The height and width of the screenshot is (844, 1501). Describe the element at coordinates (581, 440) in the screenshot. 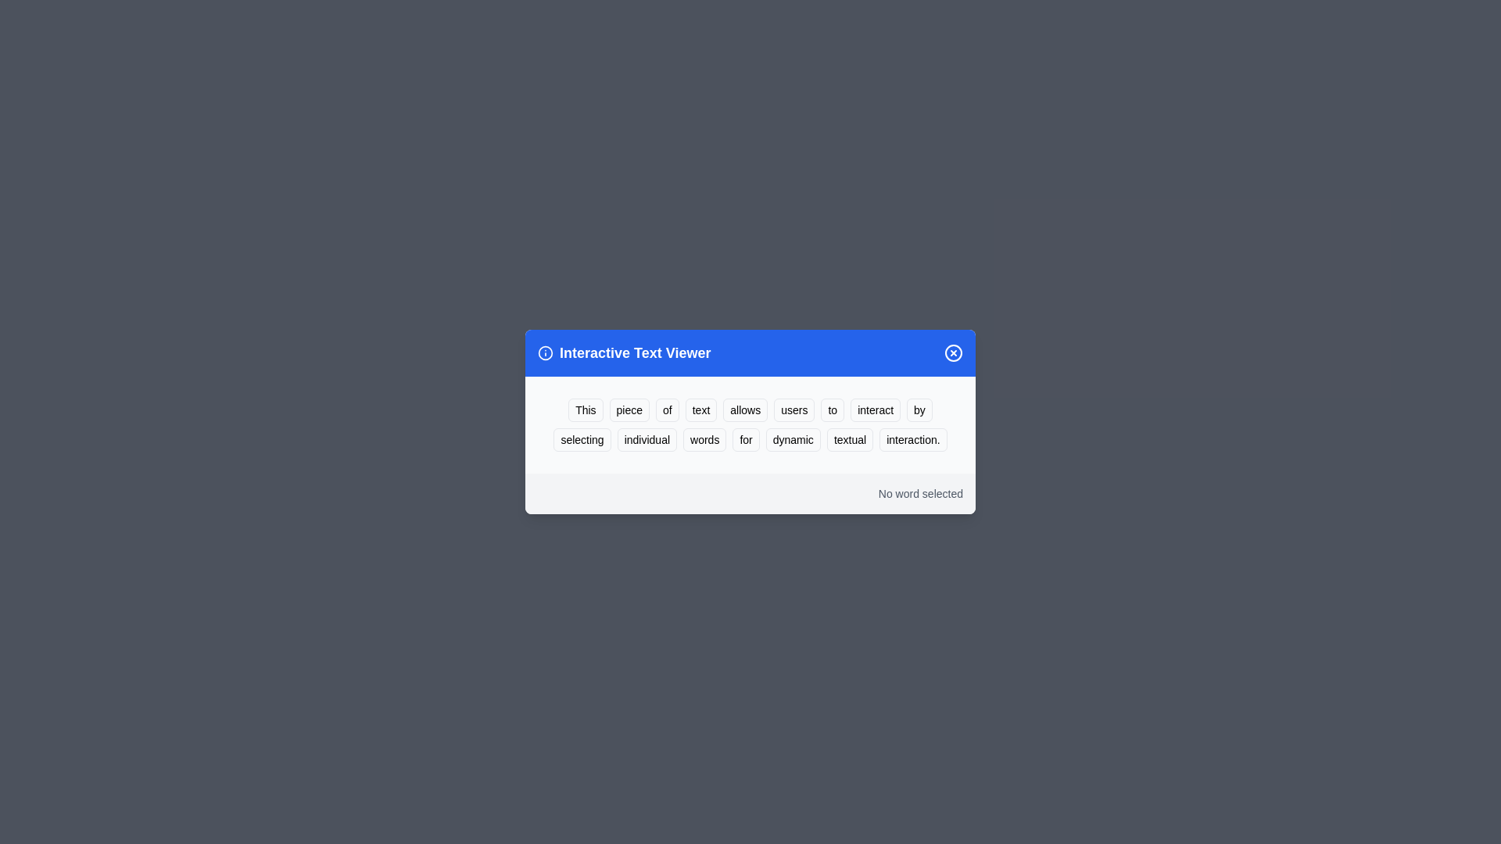

I see `the word 'selecting' to highlight it` at that location.